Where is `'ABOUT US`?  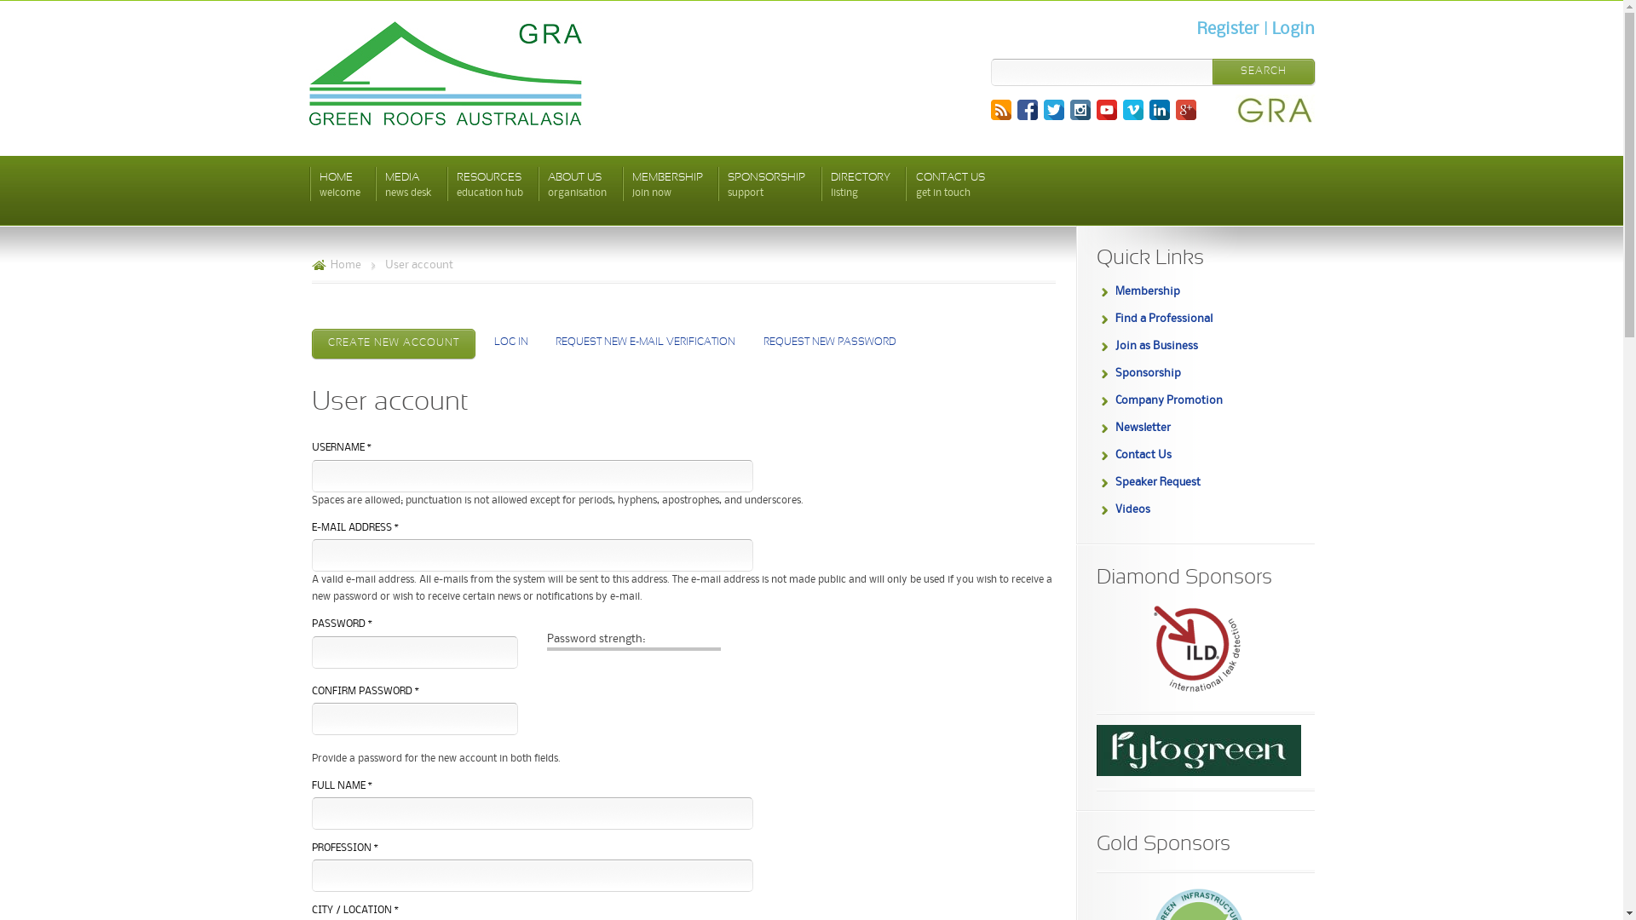
'ABOUT US is located at coordinates (536, 187).